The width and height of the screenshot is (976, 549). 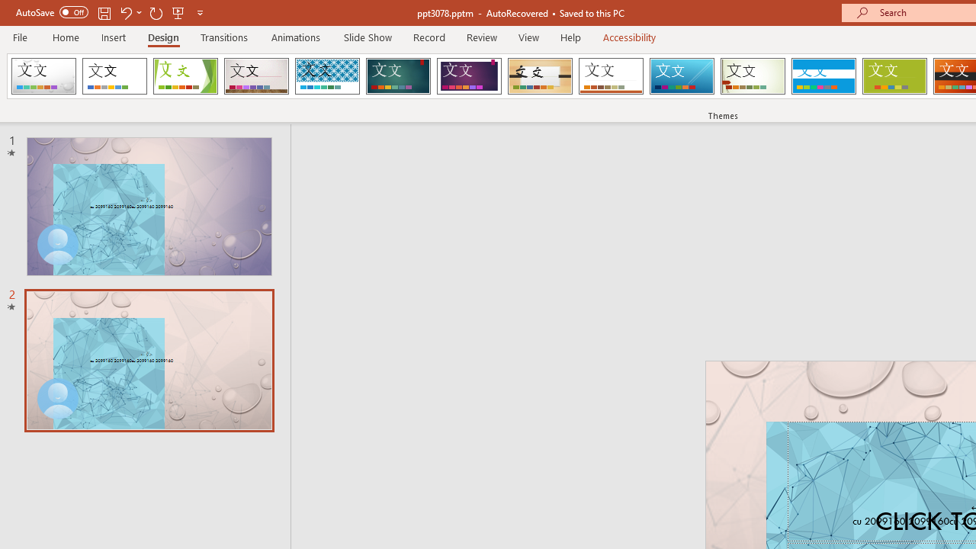 What do you see at coordinates (256, 76) in the screenshot?
I see `'Gallery'` at bounding box center [256, 76].